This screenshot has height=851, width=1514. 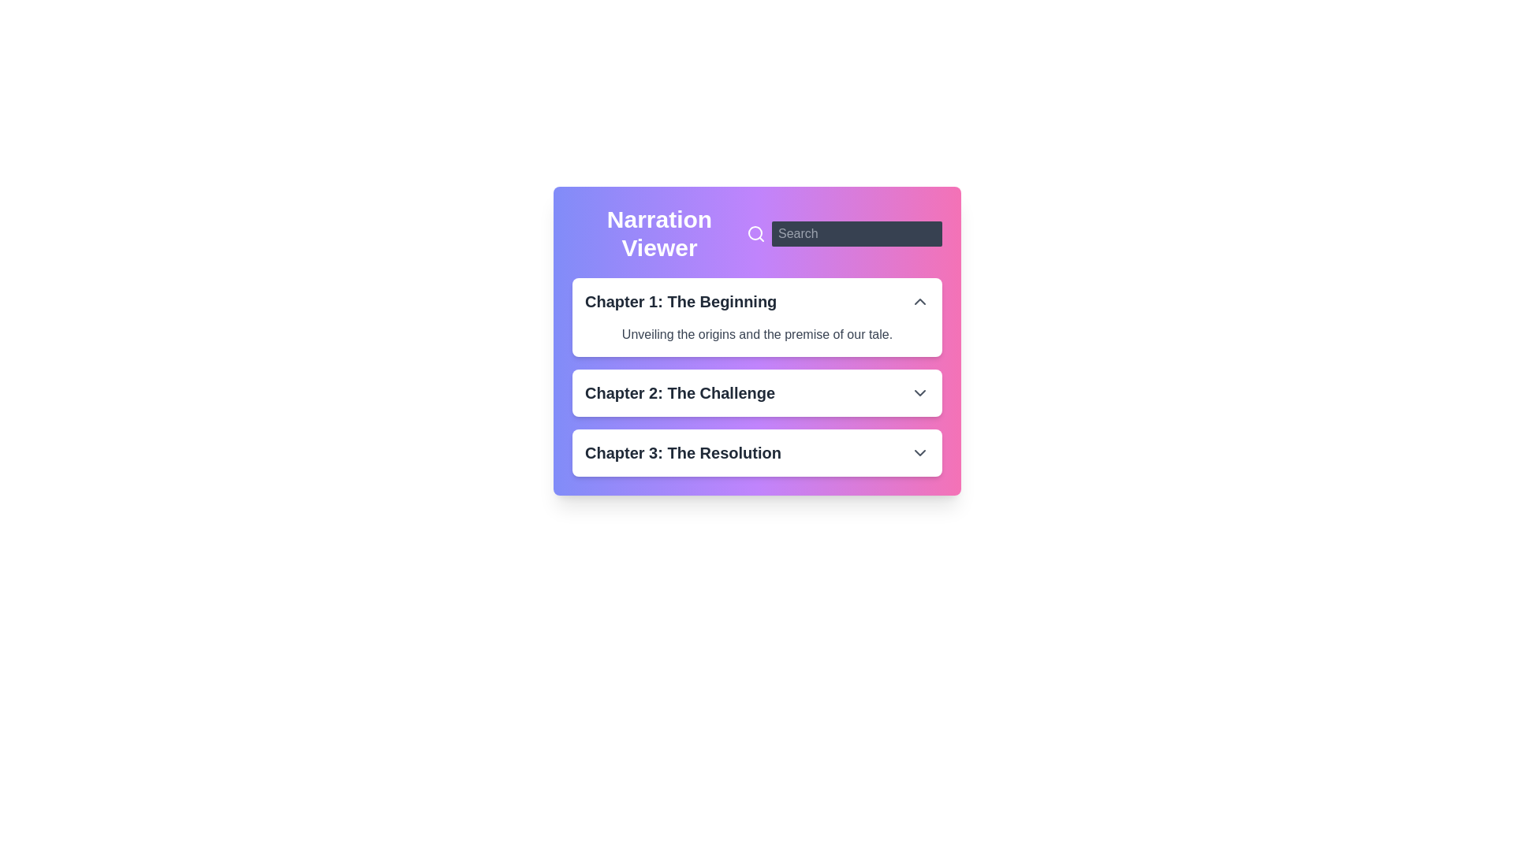 I want to click on the list item for 'Chapter 2: The Challenge', so click(x=757, y=380).